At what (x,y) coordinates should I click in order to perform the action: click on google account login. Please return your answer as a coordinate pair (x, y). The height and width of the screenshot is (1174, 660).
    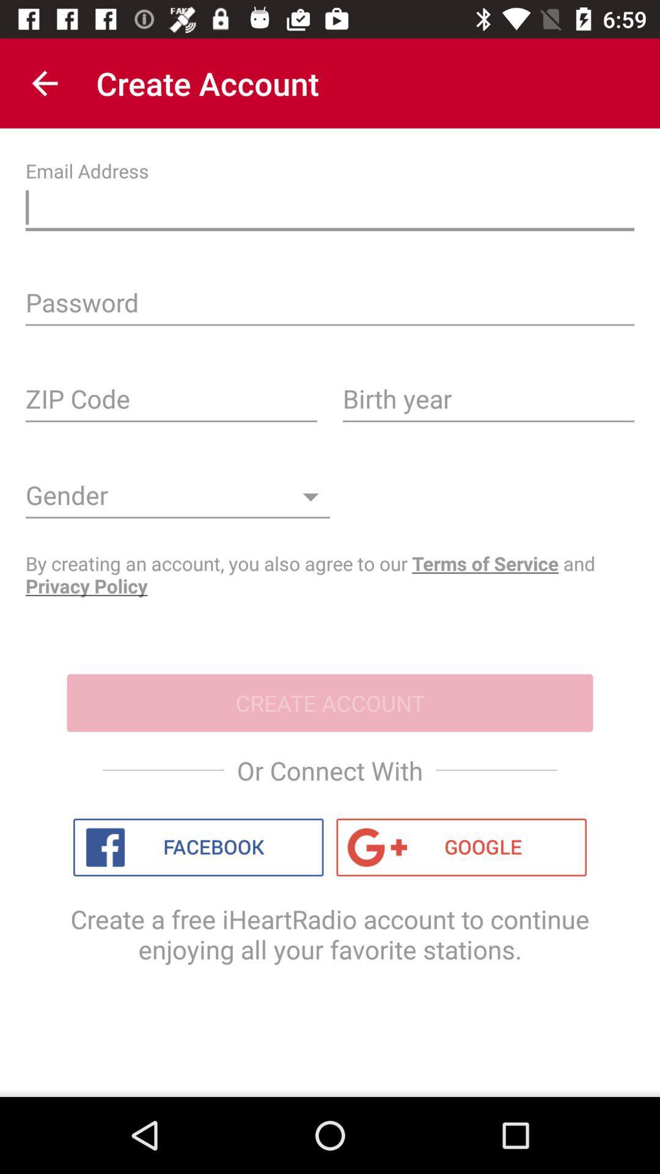
    Looking at the image, I should click on (461, 847).